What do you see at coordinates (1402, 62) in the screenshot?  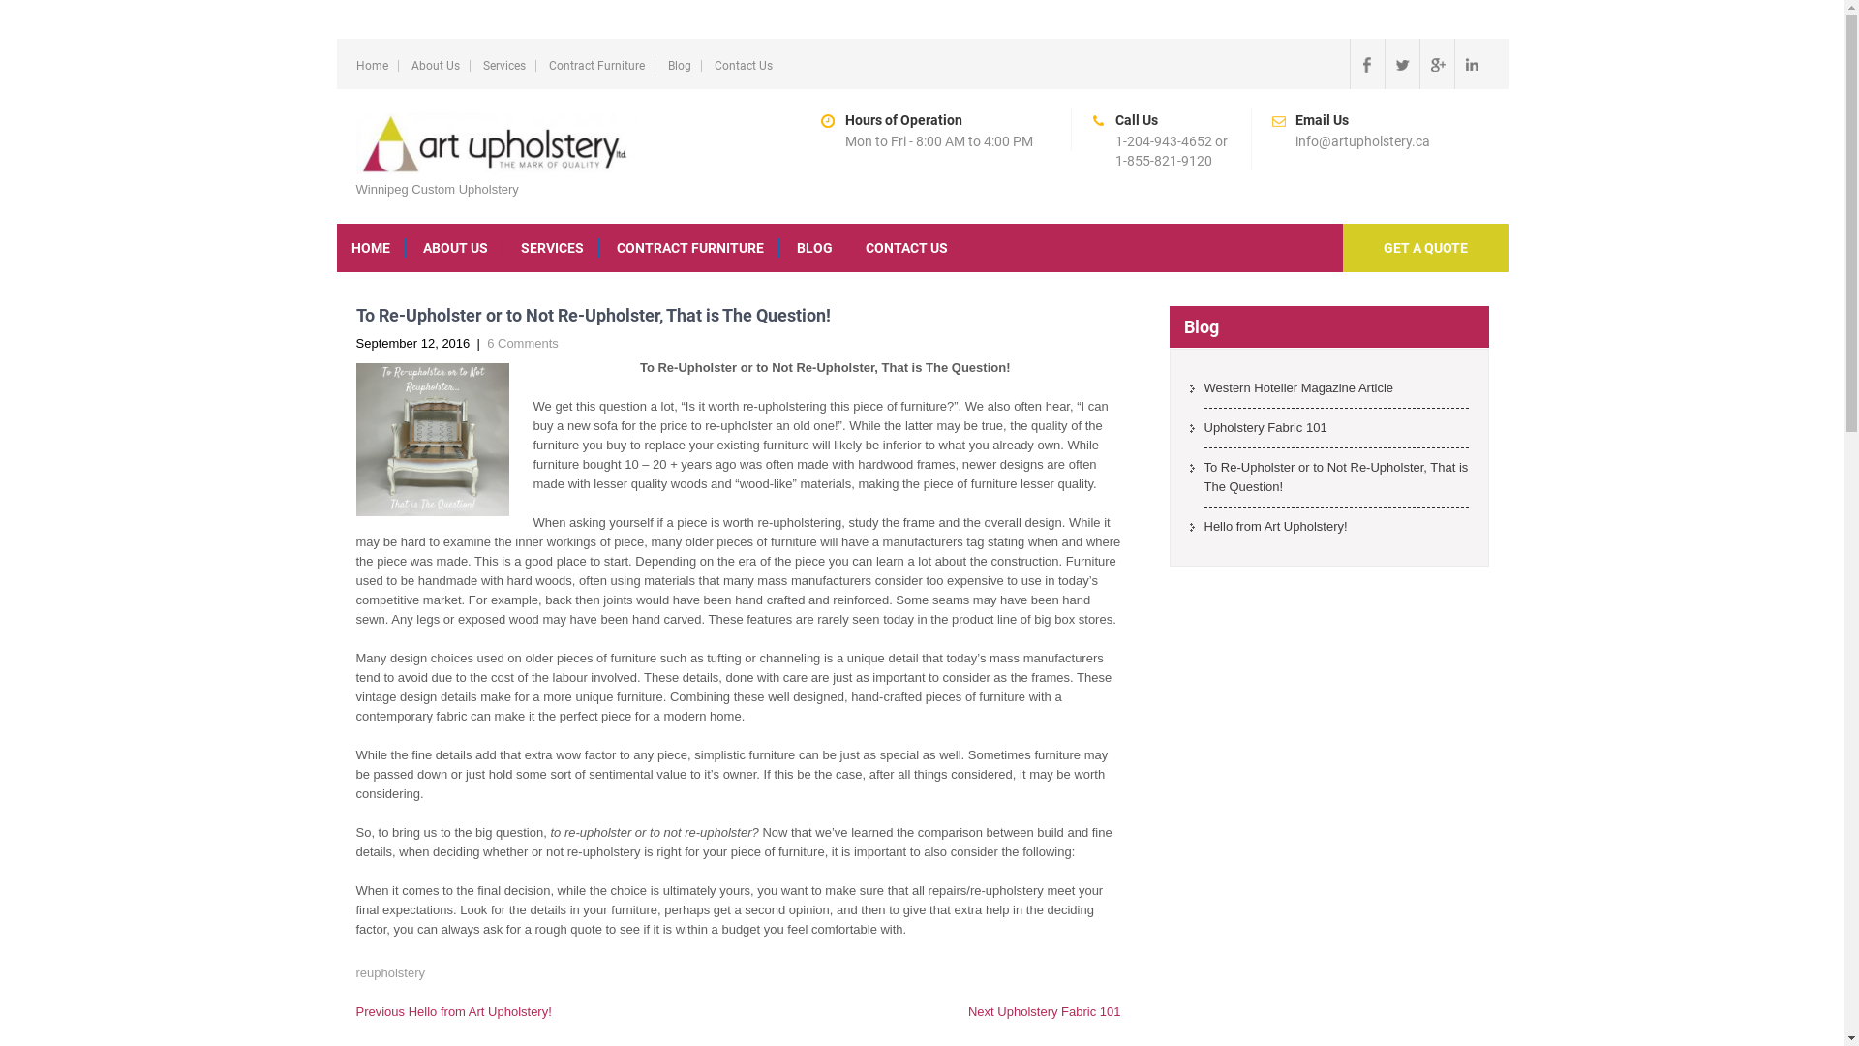 I see `'twitter'` at bounding box center [1402, 62].